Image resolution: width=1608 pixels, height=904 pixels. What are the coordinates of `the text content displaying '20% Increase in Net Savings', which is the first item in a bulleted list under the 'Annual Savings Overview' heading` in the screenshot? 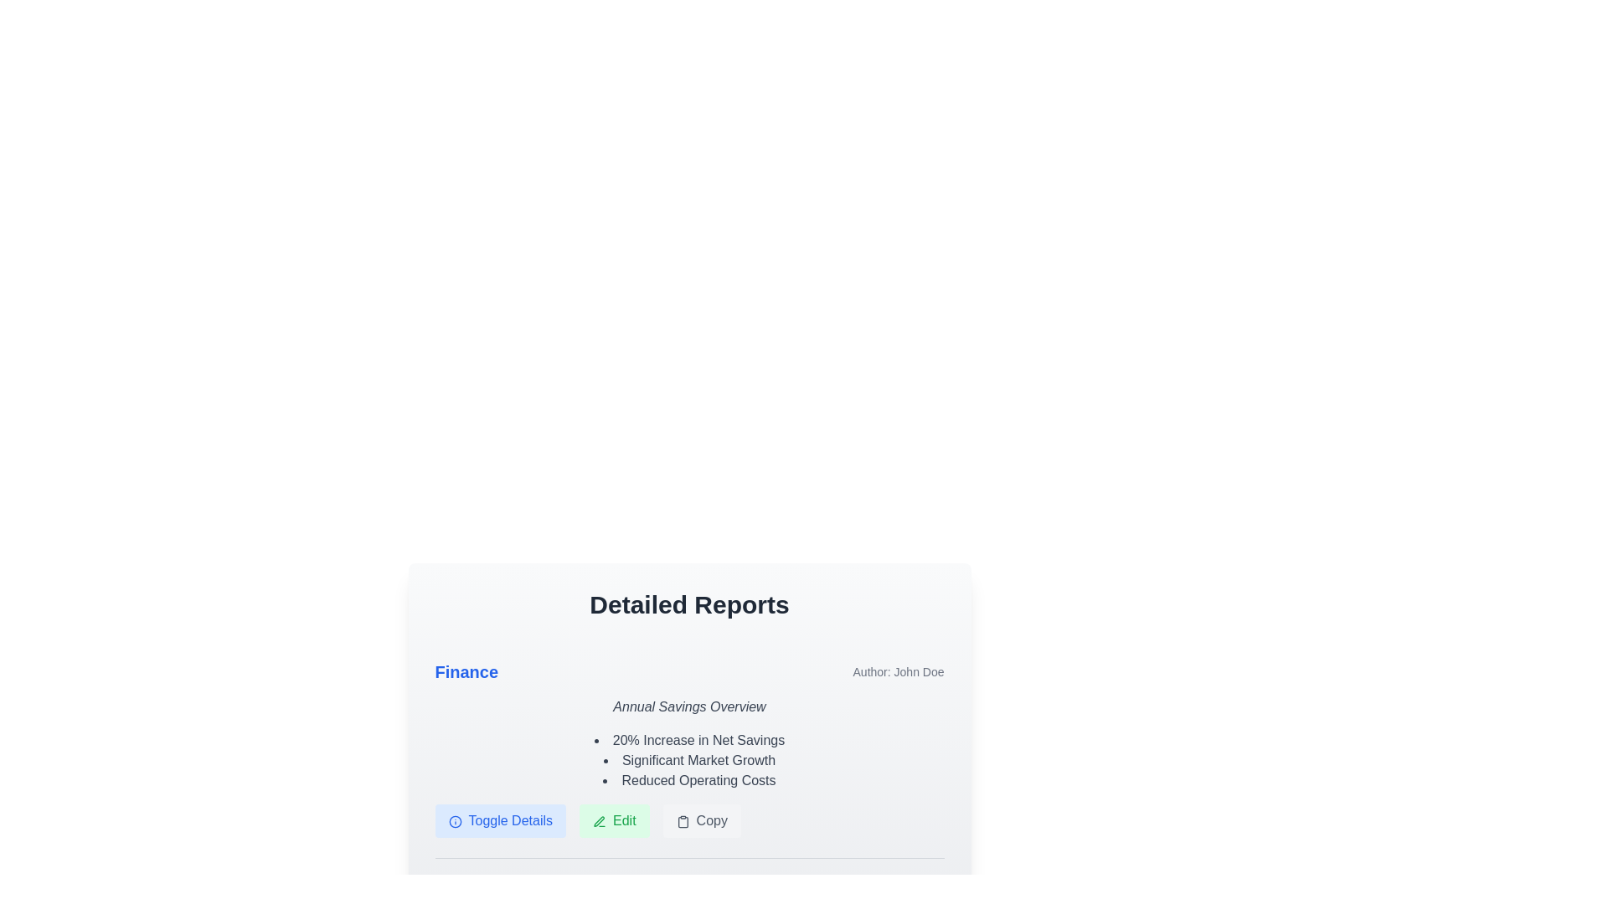 It's located at (689, 739).